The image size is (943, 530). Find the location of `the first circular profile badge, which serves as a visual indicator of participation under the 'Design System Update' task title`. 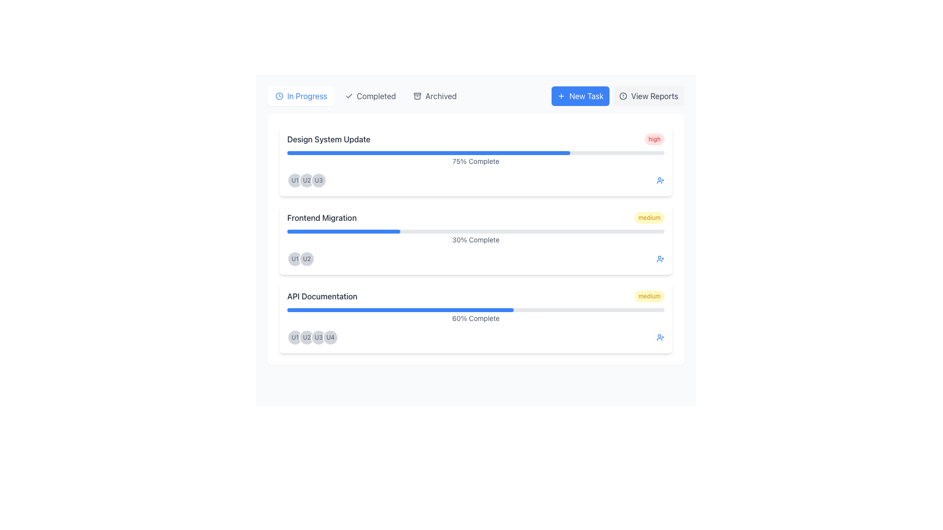

the first circular profile badge, which serves as a visual indicator of participation under the 'Design System Update' task title is located at coordinates (294, 180).